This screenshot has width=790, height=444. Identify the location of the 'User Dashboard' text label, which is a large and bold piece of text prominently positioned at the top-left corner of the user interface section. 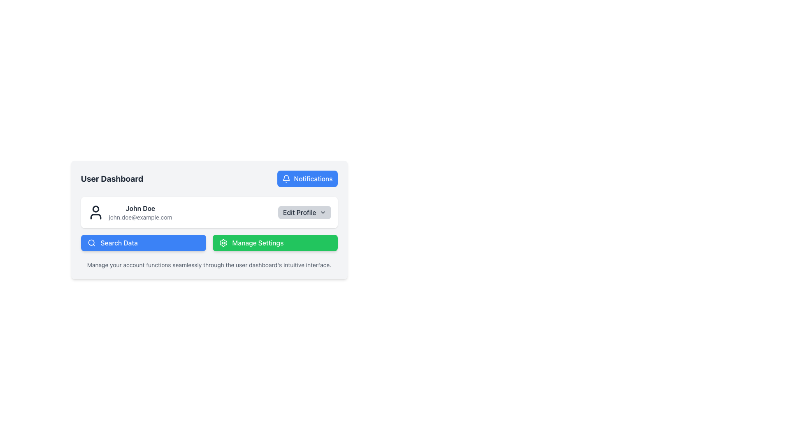
(112, 178).